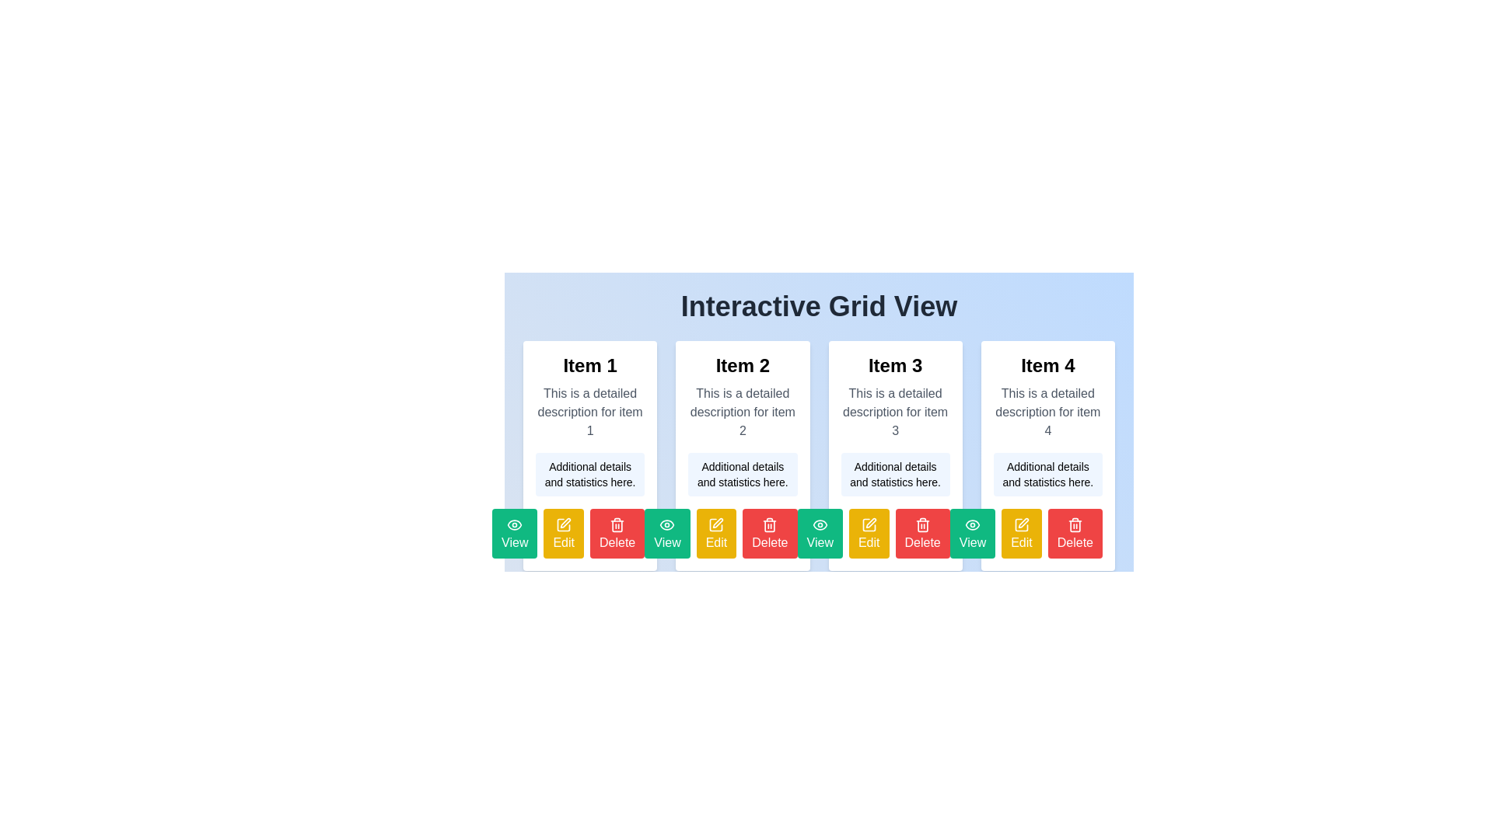 This screenshot has width=1493, height=839. Describe the element at coordinates (589, 532) in the screenshot. I see `the red 'Delete' button with a trash icon located at the bottom-right side of the 'Item 1' card` at that location.